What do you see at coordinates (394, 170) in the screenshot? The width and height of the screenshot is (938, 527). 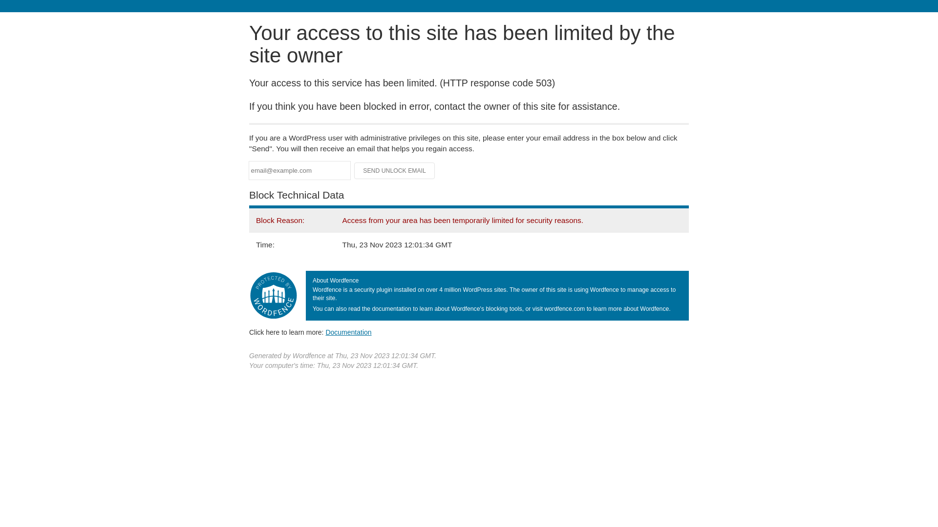 I see `'Send Unlock Email'` at bounding box center [394, 170].